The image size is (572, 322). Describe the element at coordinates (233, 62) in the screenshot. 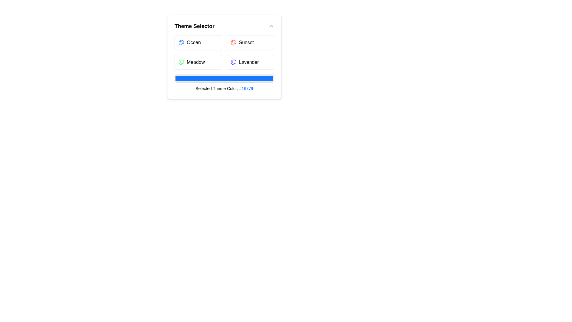

I see `the icon representing the 'Lavender' theme option, located at the bottom right of the theme selection grid` at that location.